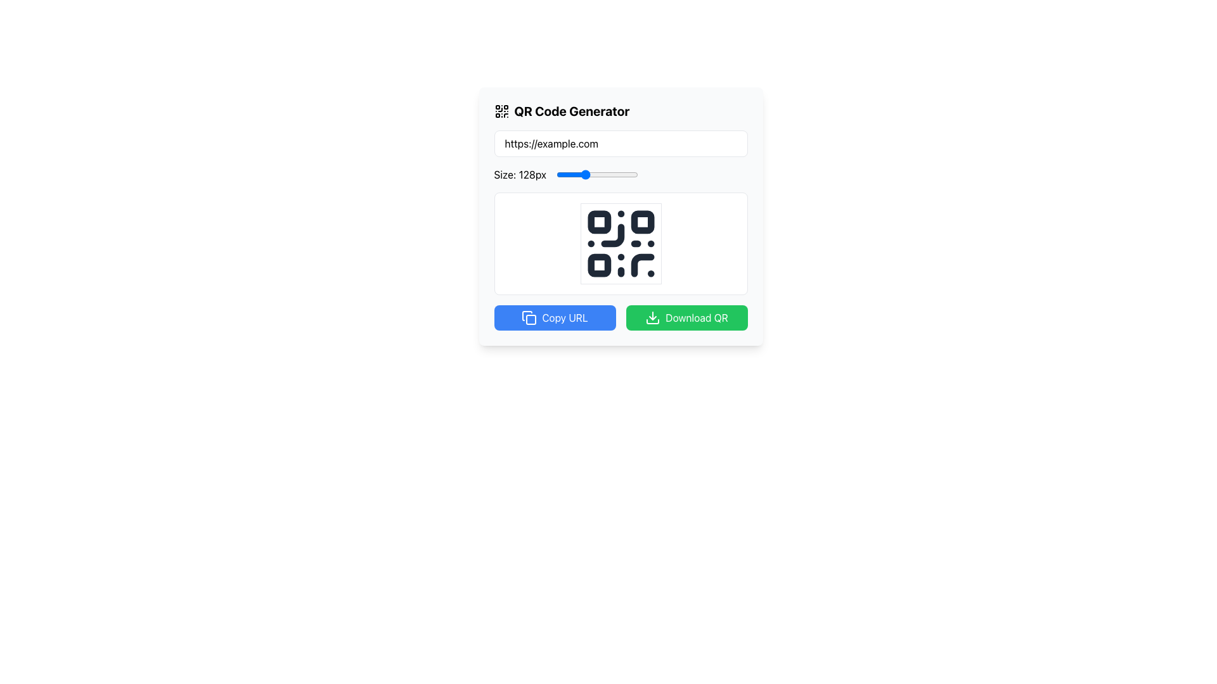 The width and height of the screenshot is (1217, 684). I want to click on the size, so click(616, 175).